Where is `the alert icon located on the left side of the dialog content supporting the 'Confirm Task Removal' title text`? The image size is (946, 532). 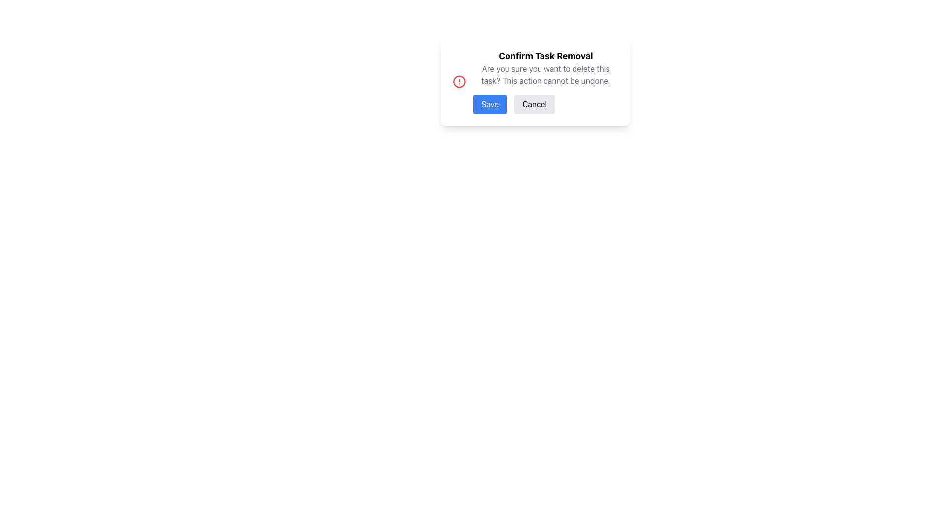
the alert icon located on the left side of the dialog content supporting the 'Confirm Task Removal' title text is located at coordinates (458, 81).